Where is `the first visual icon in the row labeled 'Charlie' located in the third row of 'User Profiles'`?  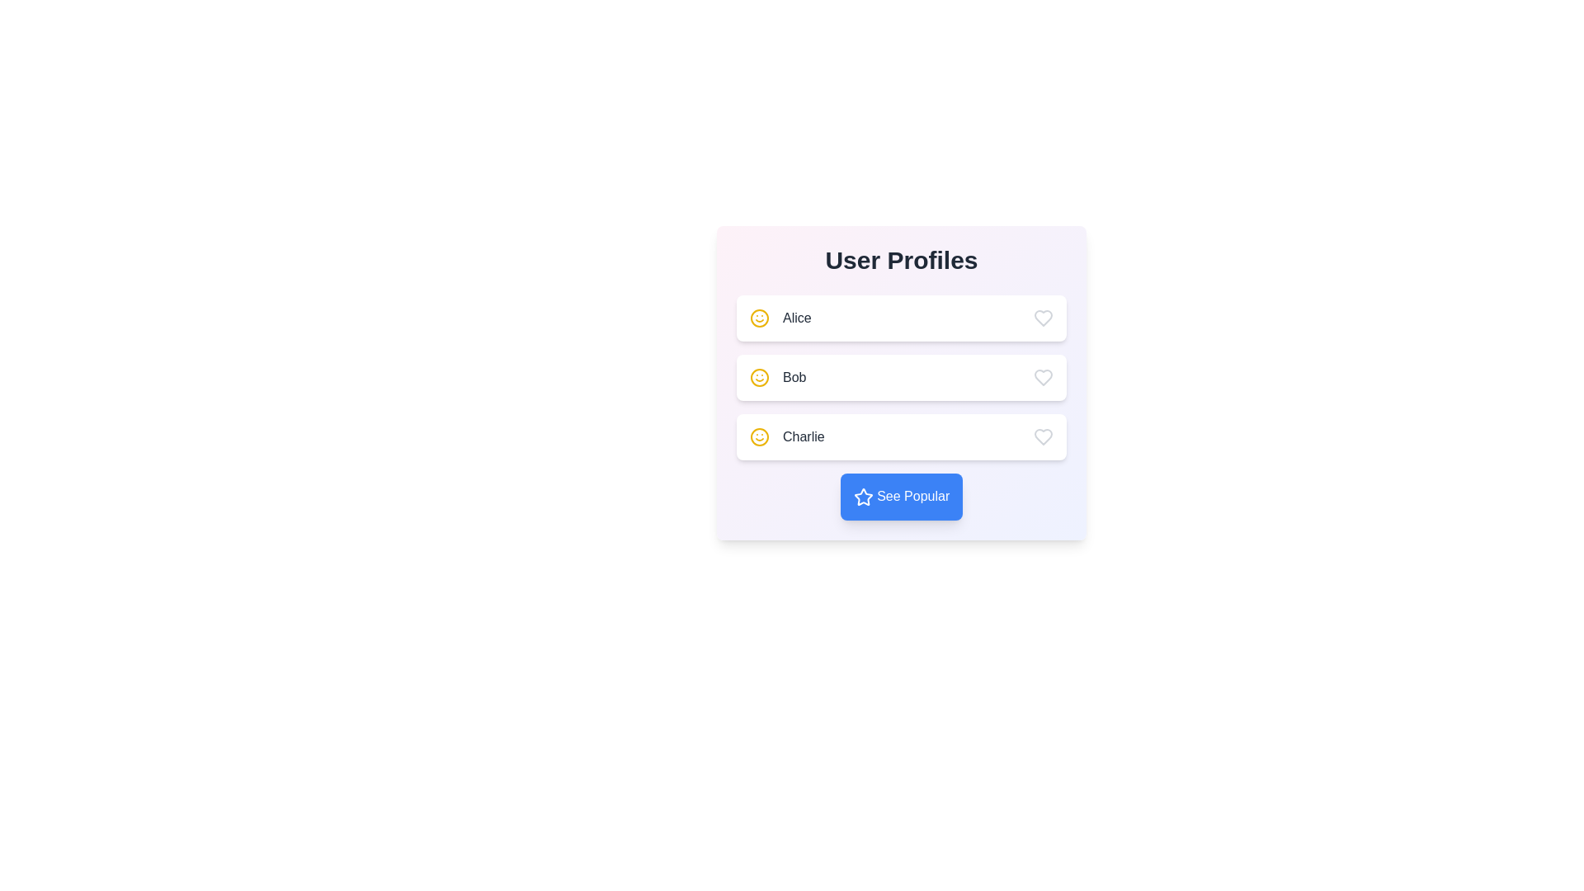 the first visual icon in the row labeled 'Charlie' located in the third row of 'User Profiles' is located at coordinates (759, 436).